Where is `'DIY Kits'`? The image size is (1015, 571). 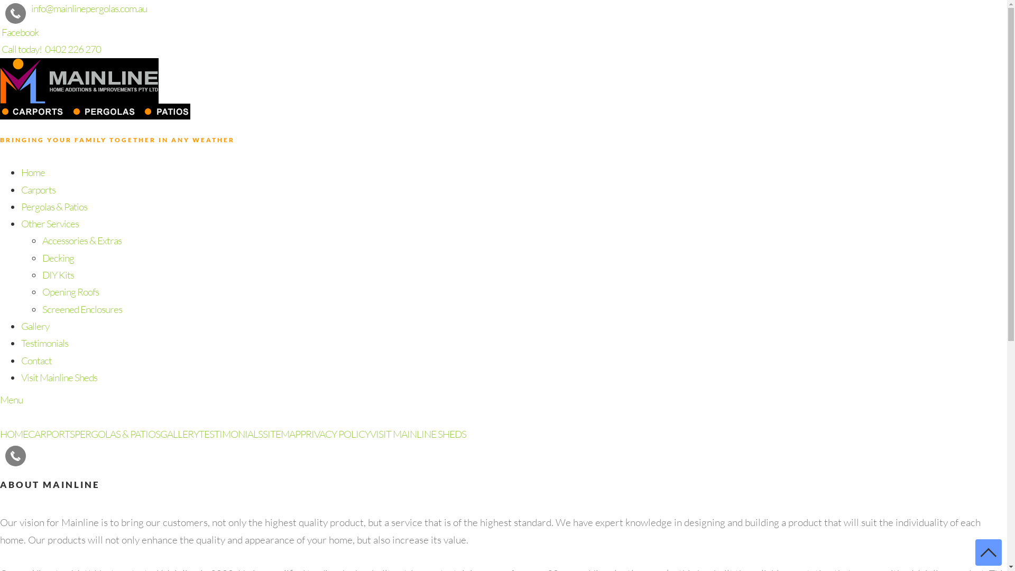
'DIY Kits' is located at coordinates (58, 274).